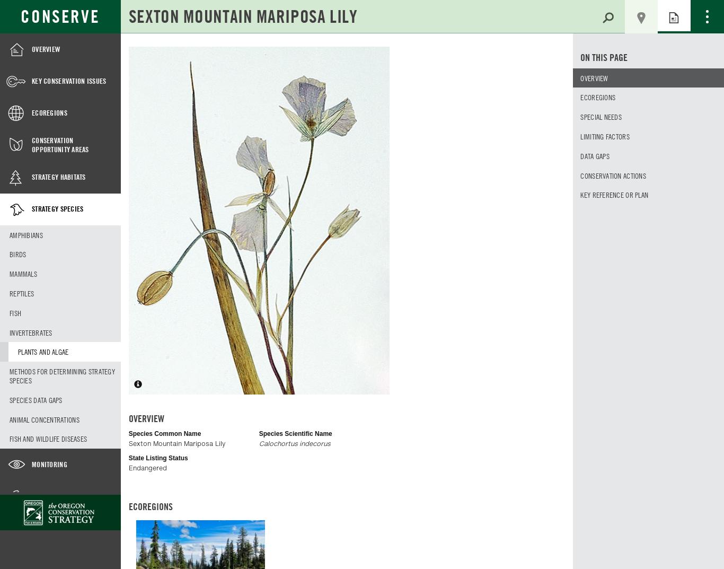 The width and height of the screenshot is (724, 569). Describe the element at coordinates (295, 433) in the screenshot. I see `'Species Scientific Name'` at that location.